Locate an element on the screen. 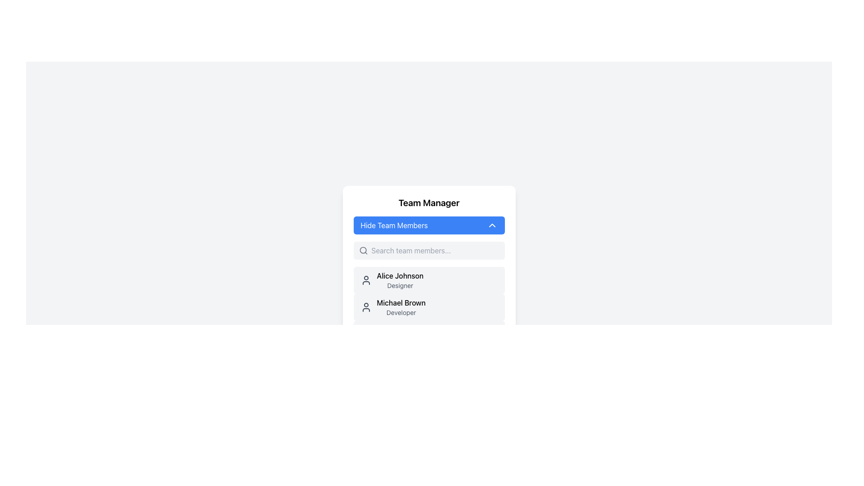  the Text Label displaying the name of a team member, located below the 'Team Manager' section heading and adjacent to 'Alice Johnson' is located at coordinates (400, 302).